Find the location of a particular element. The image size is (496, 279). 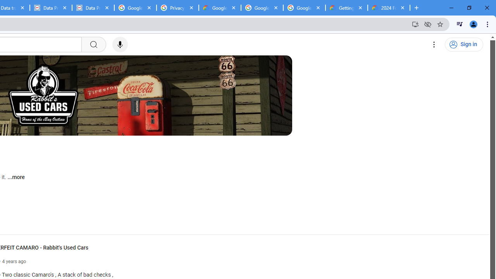

'Google Workspace - Specific Terms' is located at coordinates (262, 8).